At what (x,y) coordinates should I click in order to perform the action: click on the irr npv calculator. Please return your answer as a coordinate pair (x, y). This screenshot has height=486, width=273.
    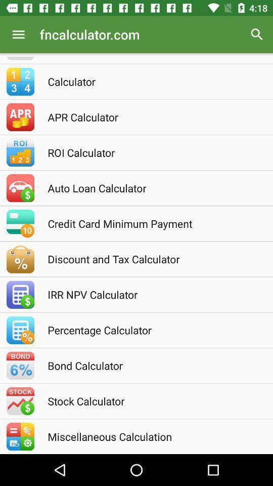
    Looking at the image, I should click on (150, 294).